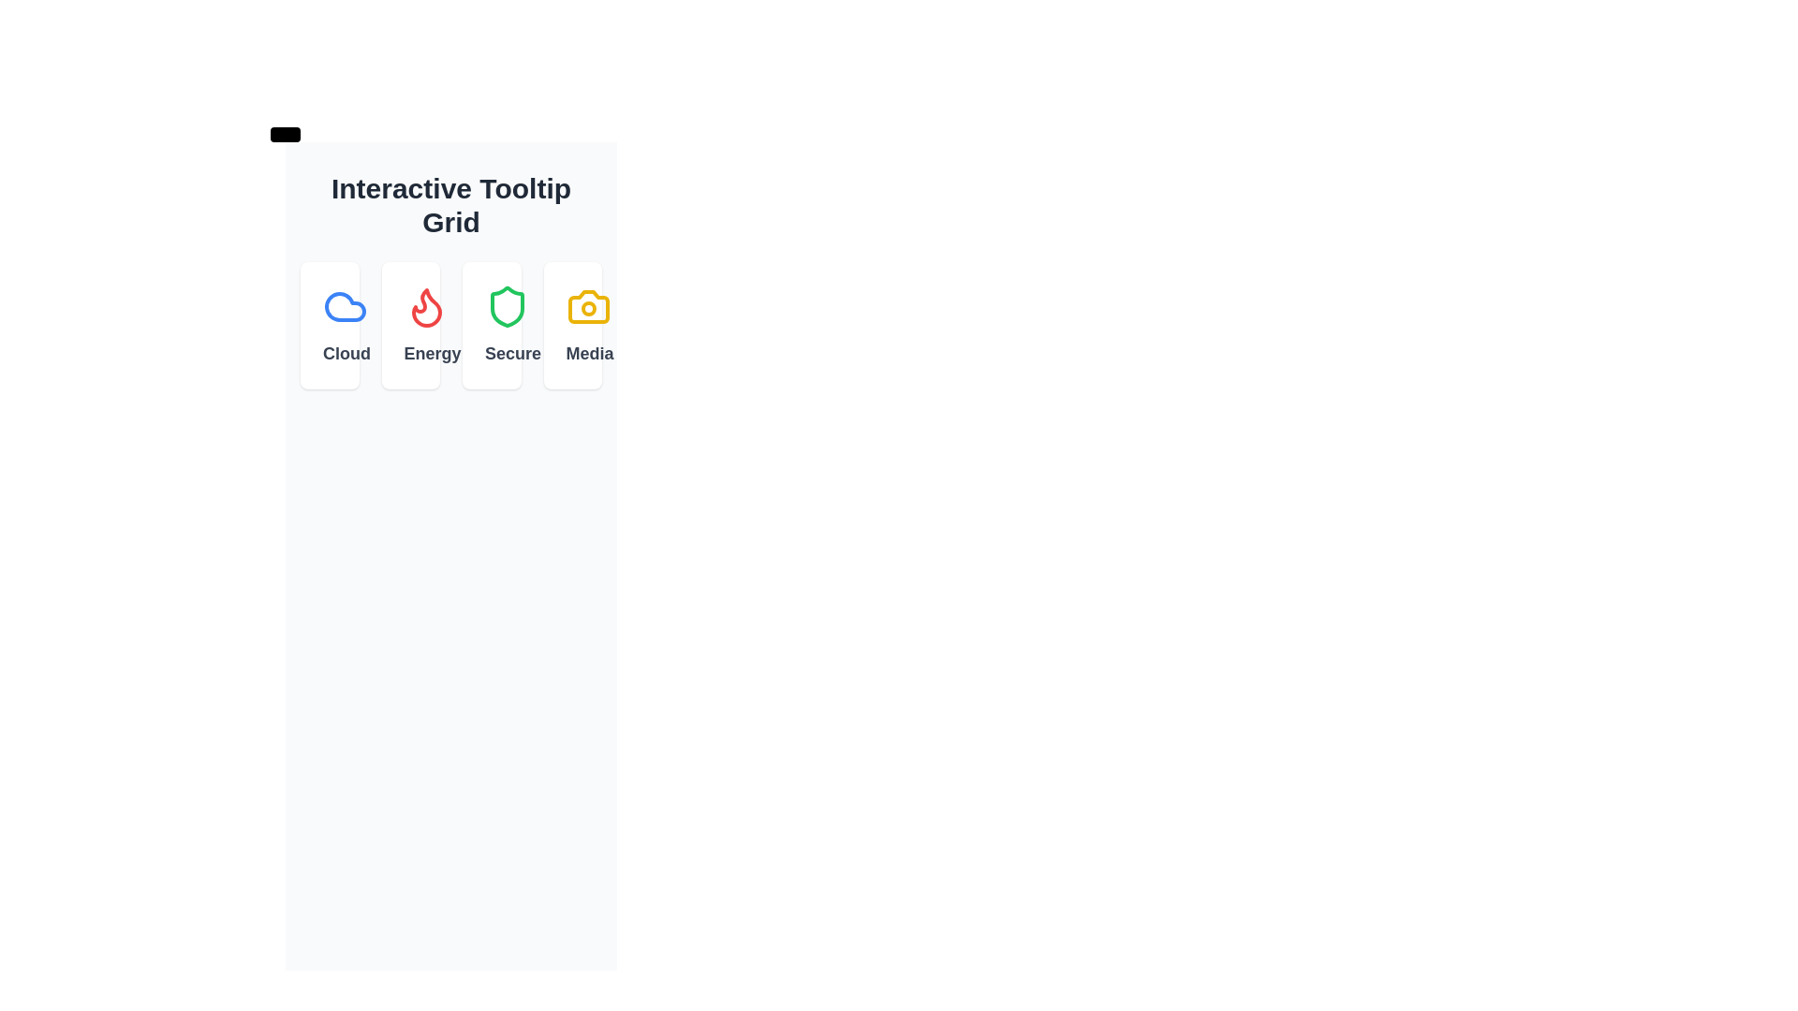 The height and width of the screenshot is (1011, 1798). Describe the element at coordinates (571, 354) in the screenshot. I see `the 'Media' text label located in the second row of the grid, which is the fourth item from the left, positioned below the camera icon` at that location.